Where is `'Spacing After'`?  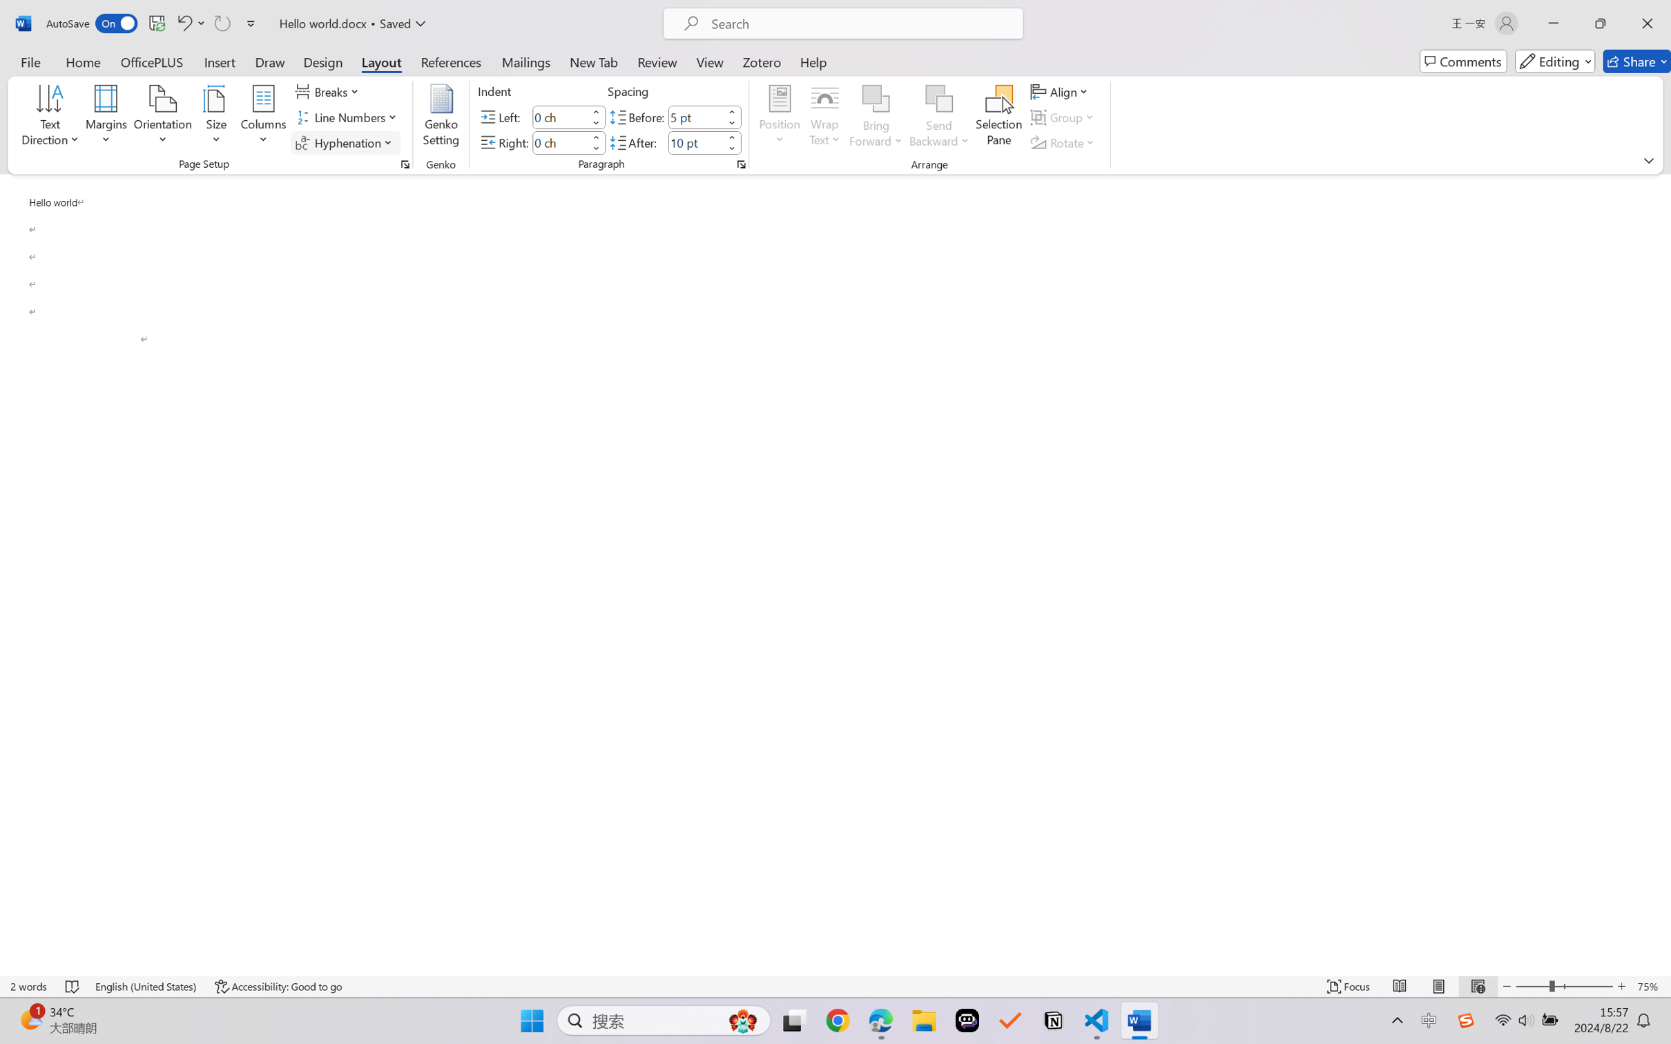 'Spacing After' is located at coordinates (695, 142).